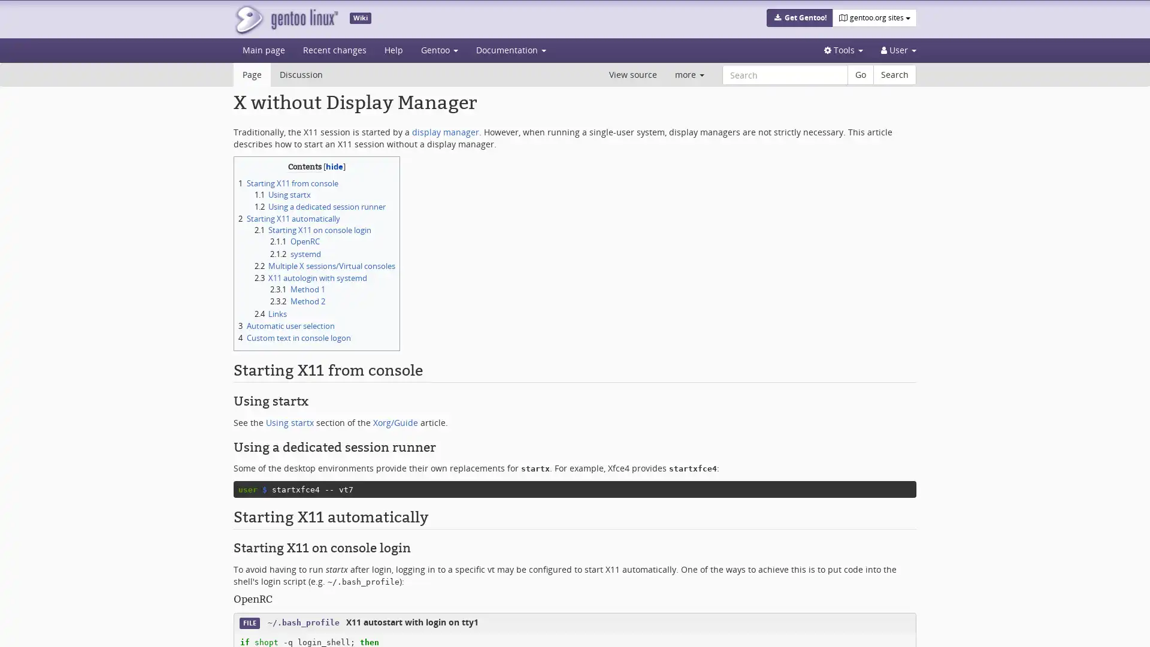 The image size is (1150, 647). I want to click on Search, so click(894, 74).